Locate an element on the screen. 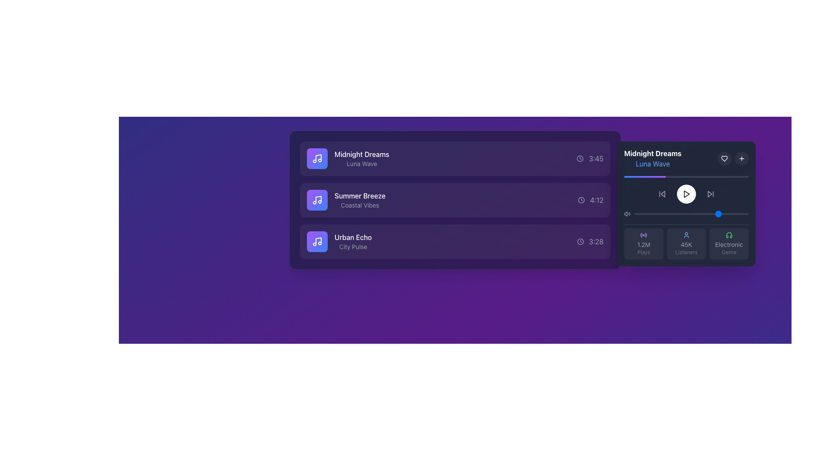  the text label reading 'Coastal Vibes', which is styled in light gray and positioned directly beneath 'Summer Breeze' in the list of musical items is located at coordinates (360, 205).